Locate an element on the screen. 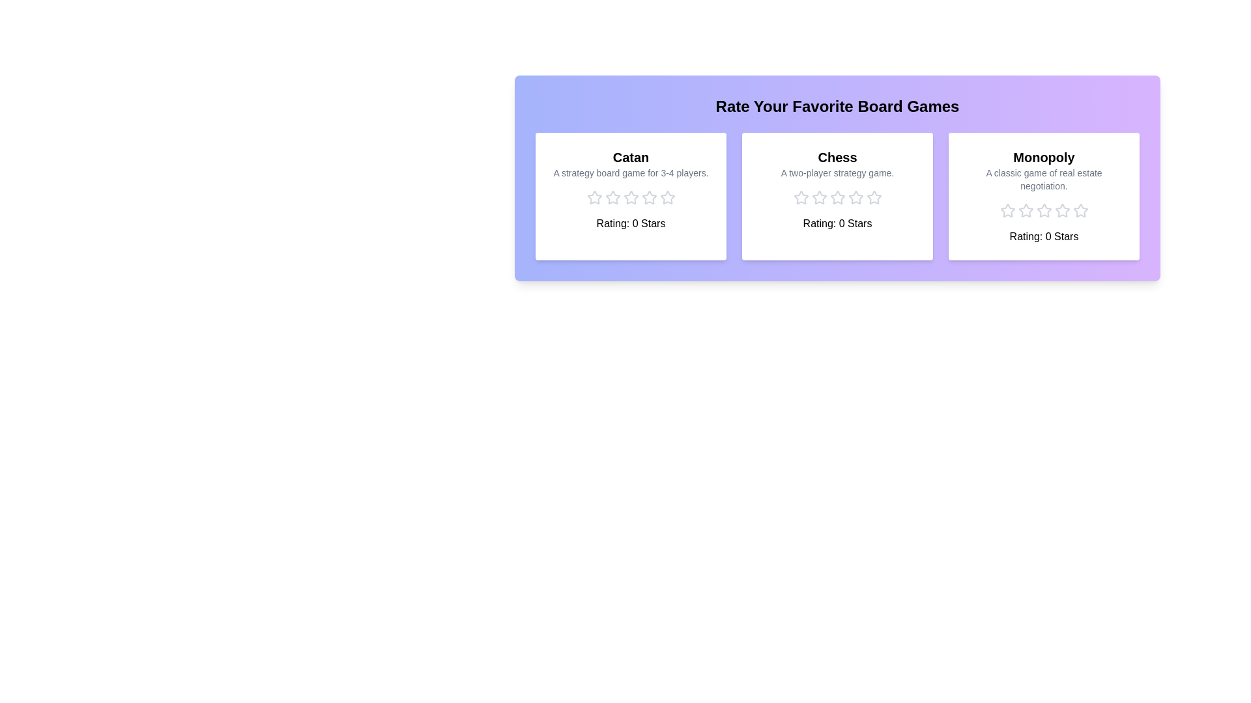  the 'Rate Your Favorite Board Games' title to inspect its layout is located at coordinates (837, 106).